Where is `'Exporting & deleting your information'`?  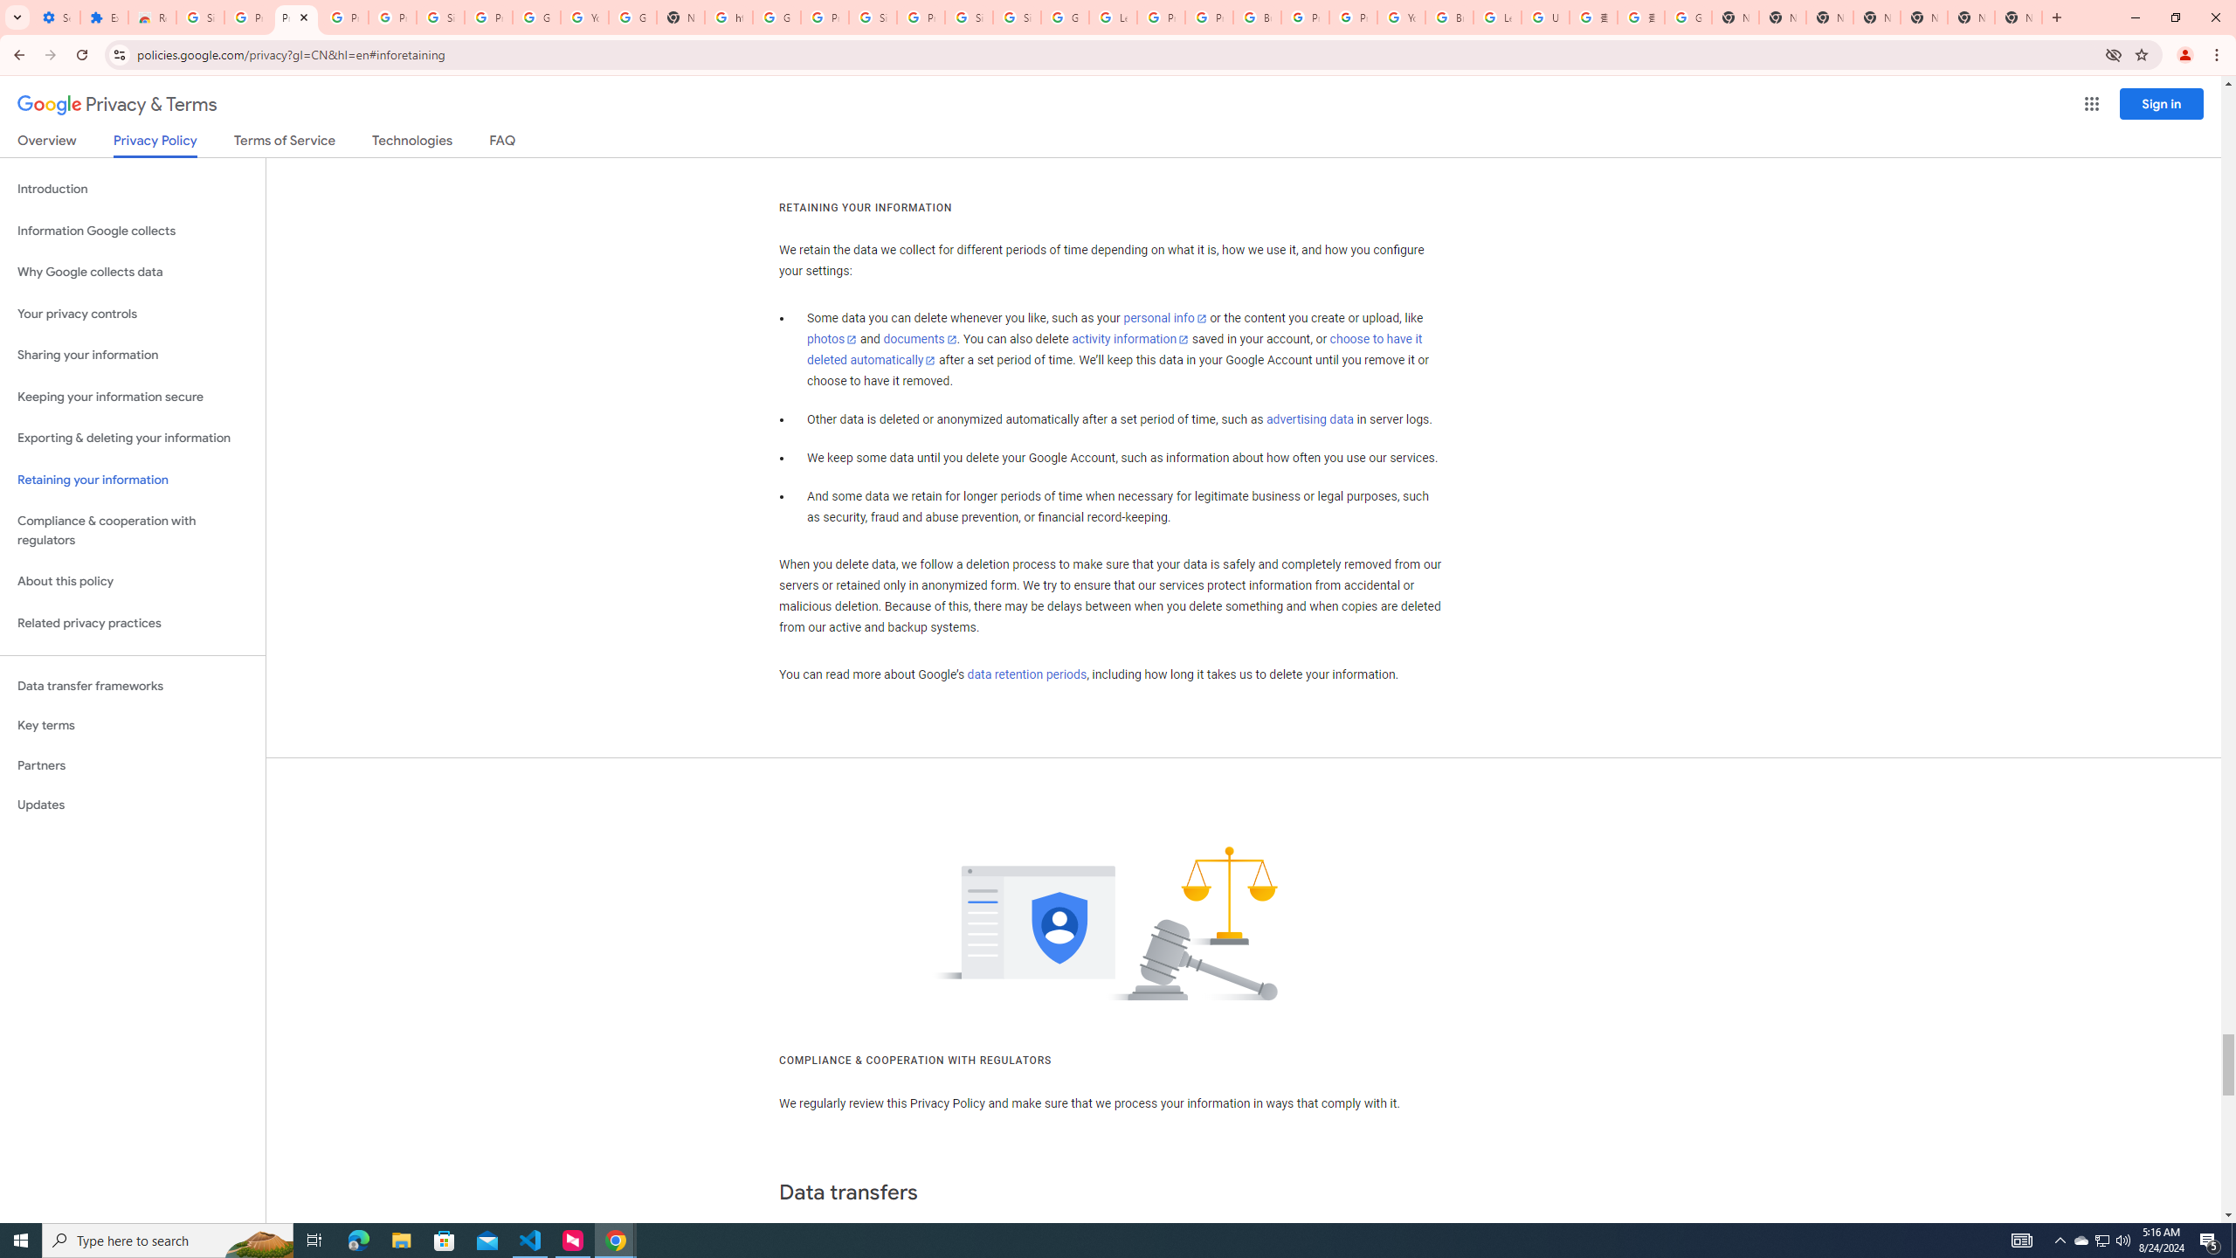
'Exporting & deleting your information' is located at coordinates (132, 438).